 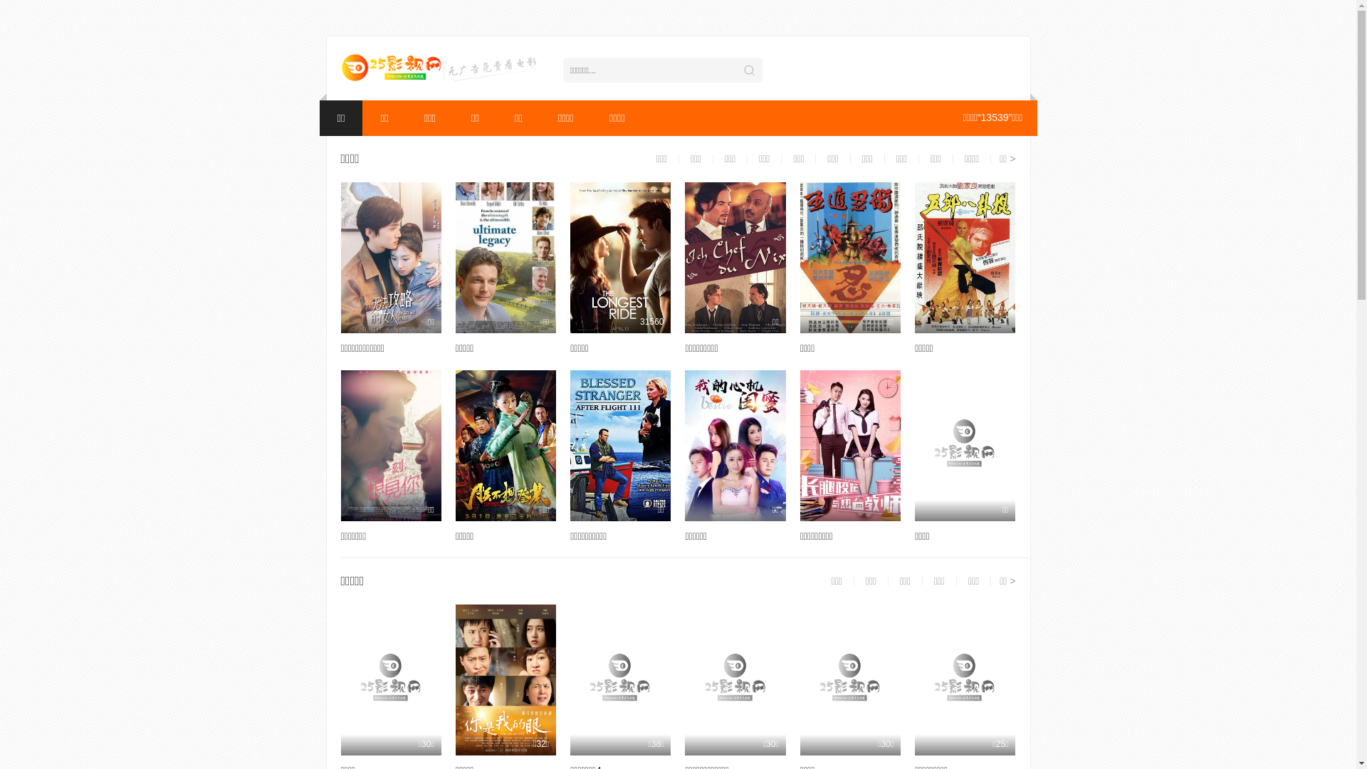 What do you see at coordinates (620, 258) in the screenshot?
I see `'31560'` at bounding box center [620, 258].